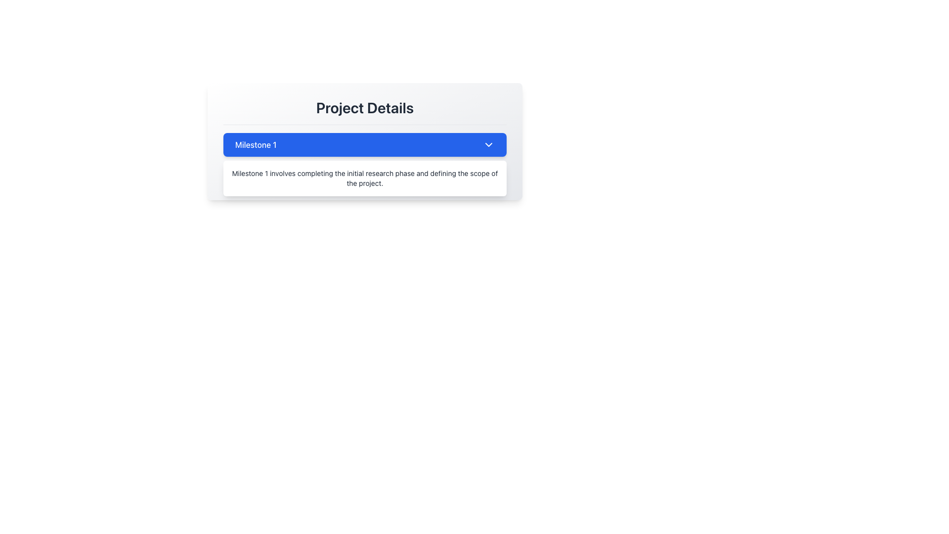  Describe the element at coordinates (364, 159) in the screenshot. I see `the dropdown in the project information panel` at that location.